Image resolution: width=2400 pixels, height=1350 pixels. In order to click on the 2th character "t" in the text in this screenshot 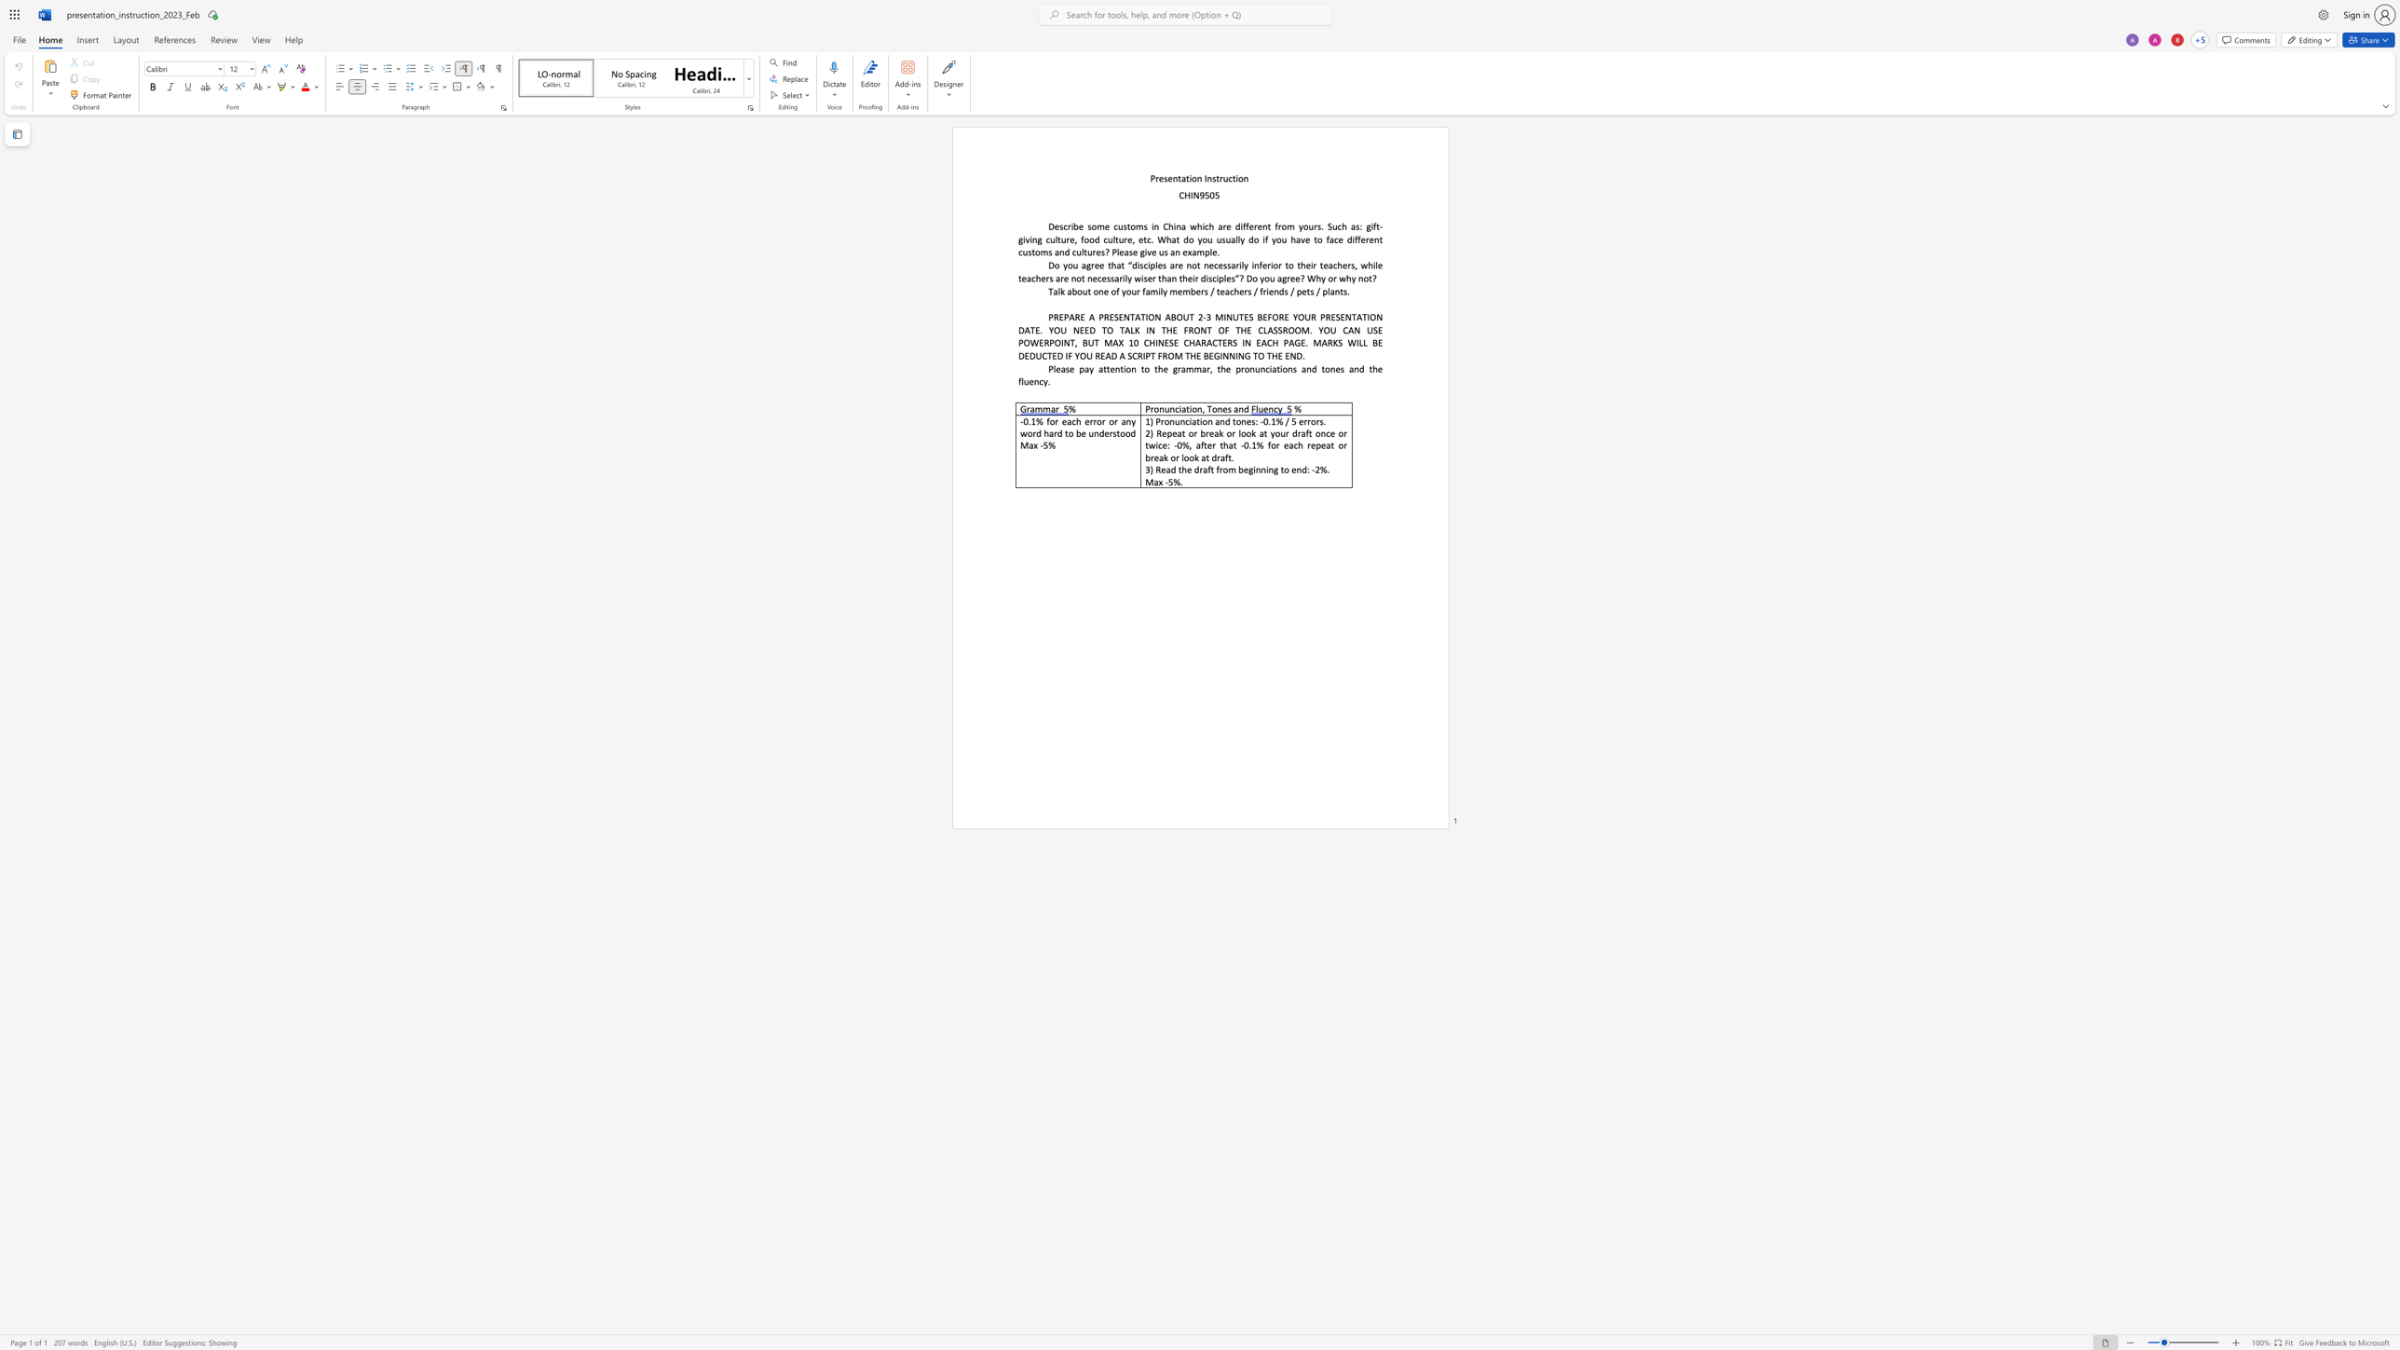, I will do `click(1186, 178)`.